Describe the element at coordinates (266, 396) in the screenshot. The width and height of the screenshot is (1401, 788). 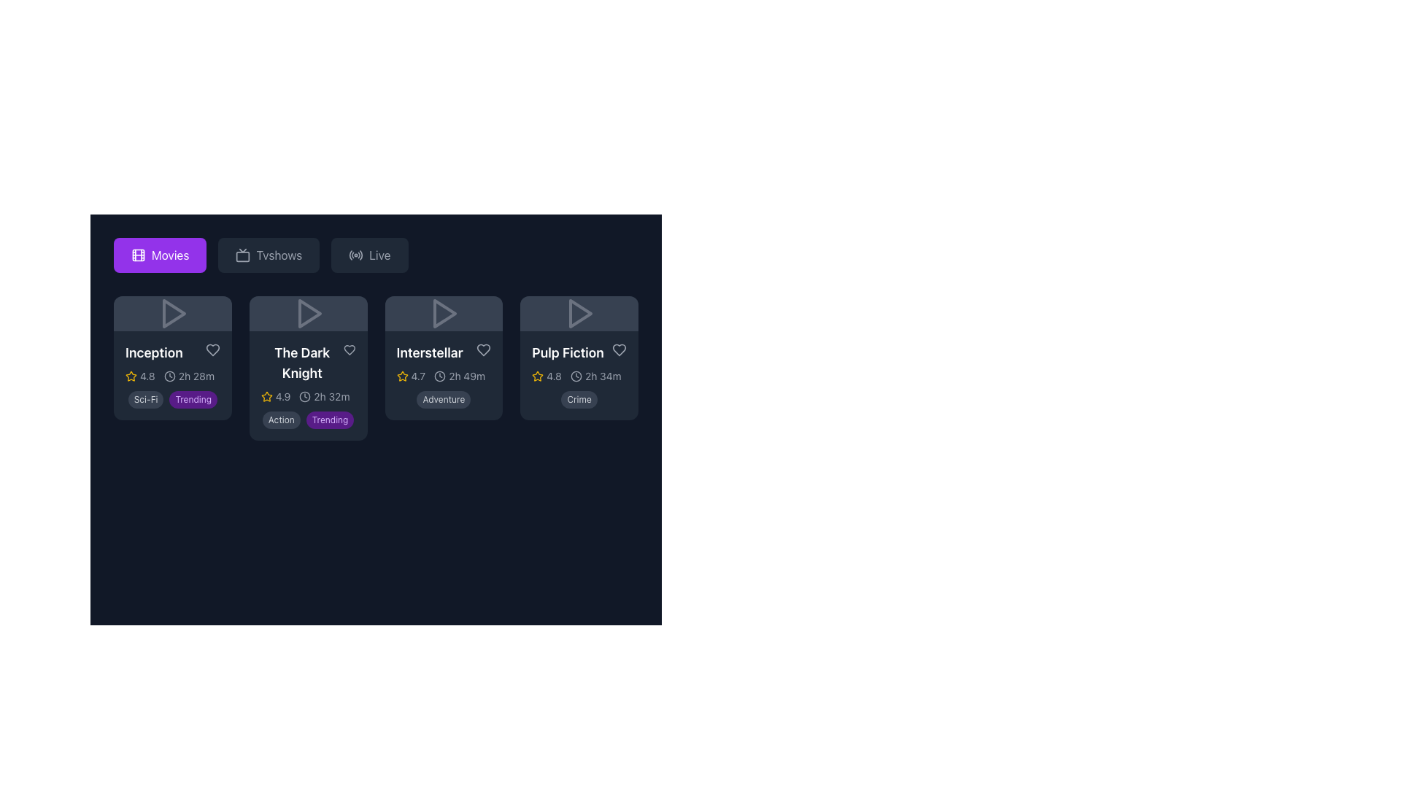
I see `the star shape icon with a yellow border next to the numerical rating '4.9' in the movie card for 'The Dark Knight'` at that location.